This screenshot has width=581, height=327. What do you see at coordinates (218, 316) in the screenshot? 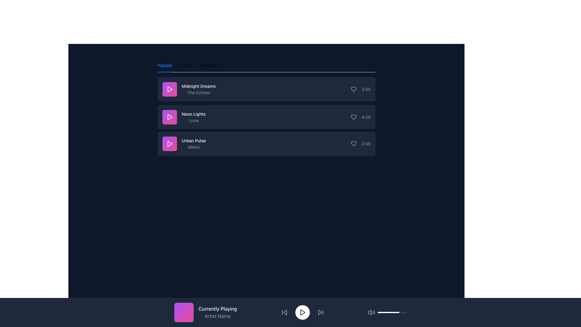
I see `the 'Artist Name' text label, which is displayed in slate-gray color and positioned below the 'Currently Playing' label in the bottom-left corner of the interface` at bounding box center [218, 316].